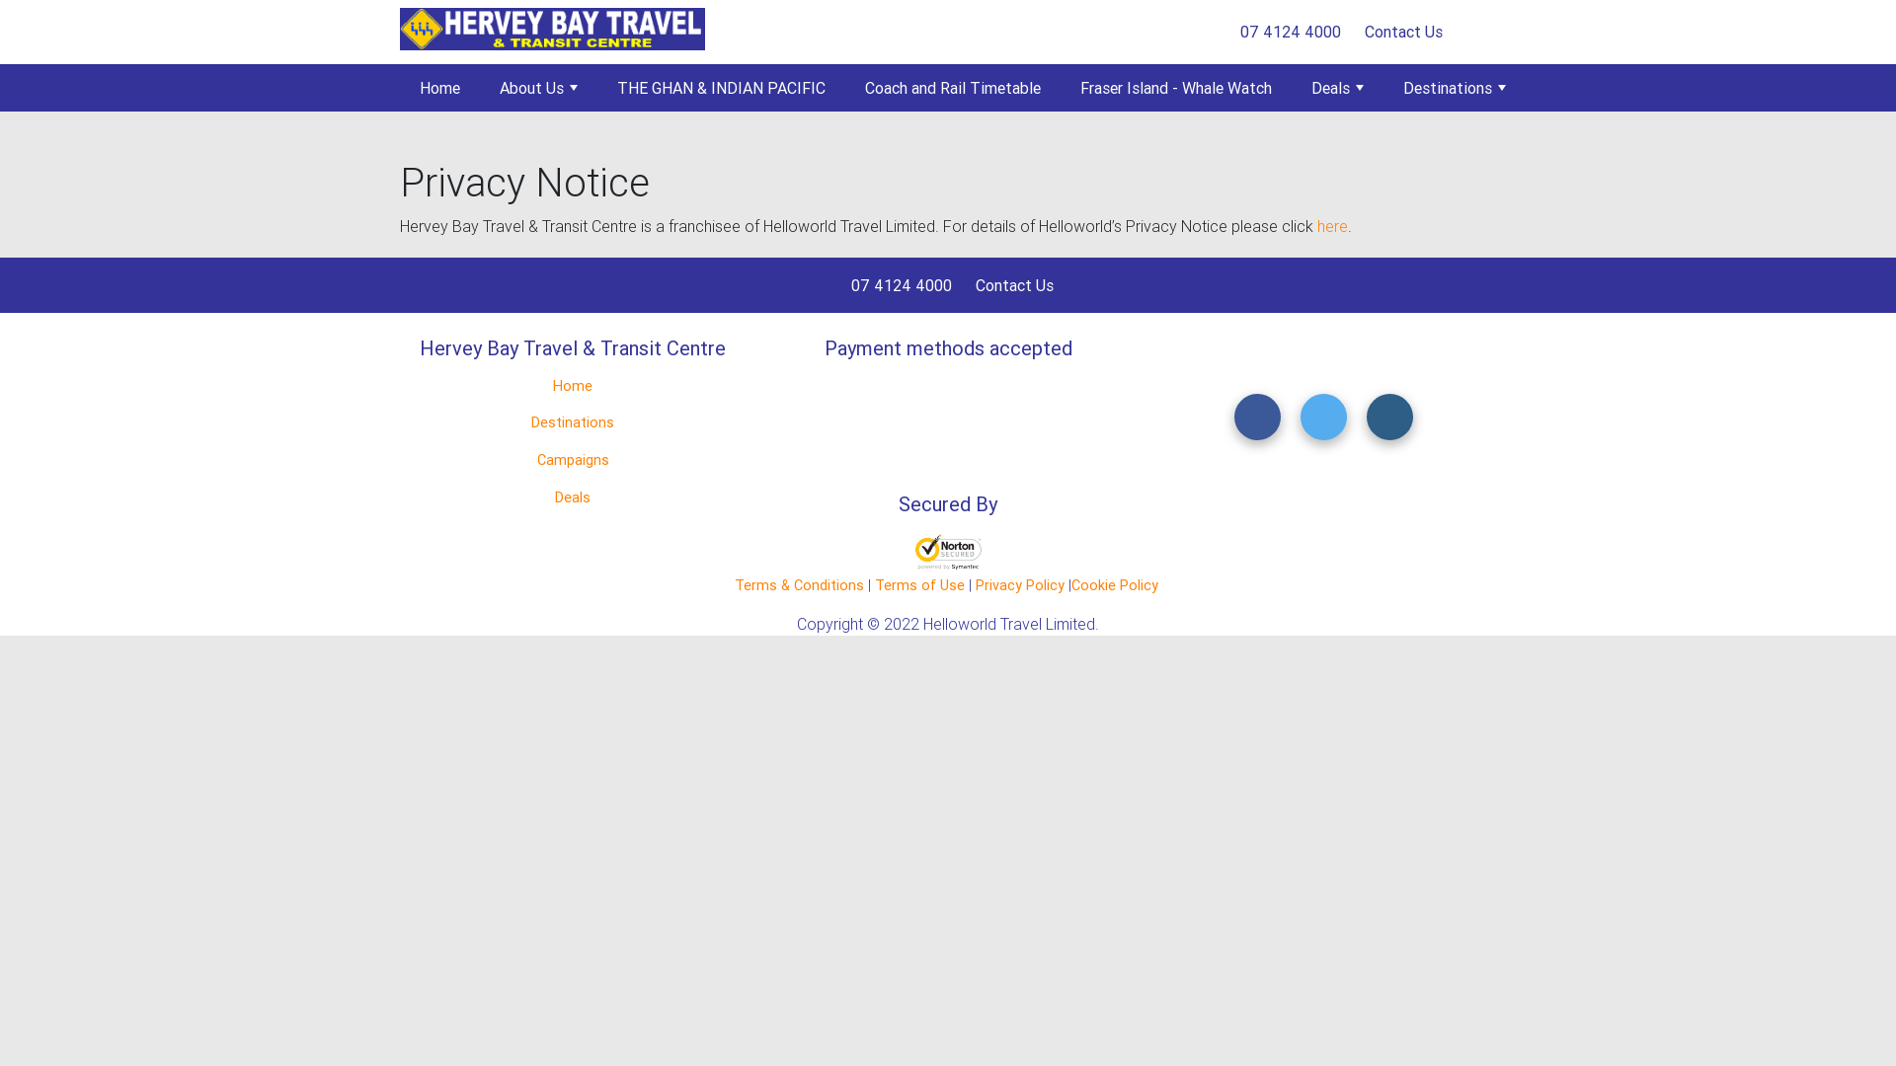  I want to click on 'THE GHAN & INDIAN PACIFIC', so click(720, 86).